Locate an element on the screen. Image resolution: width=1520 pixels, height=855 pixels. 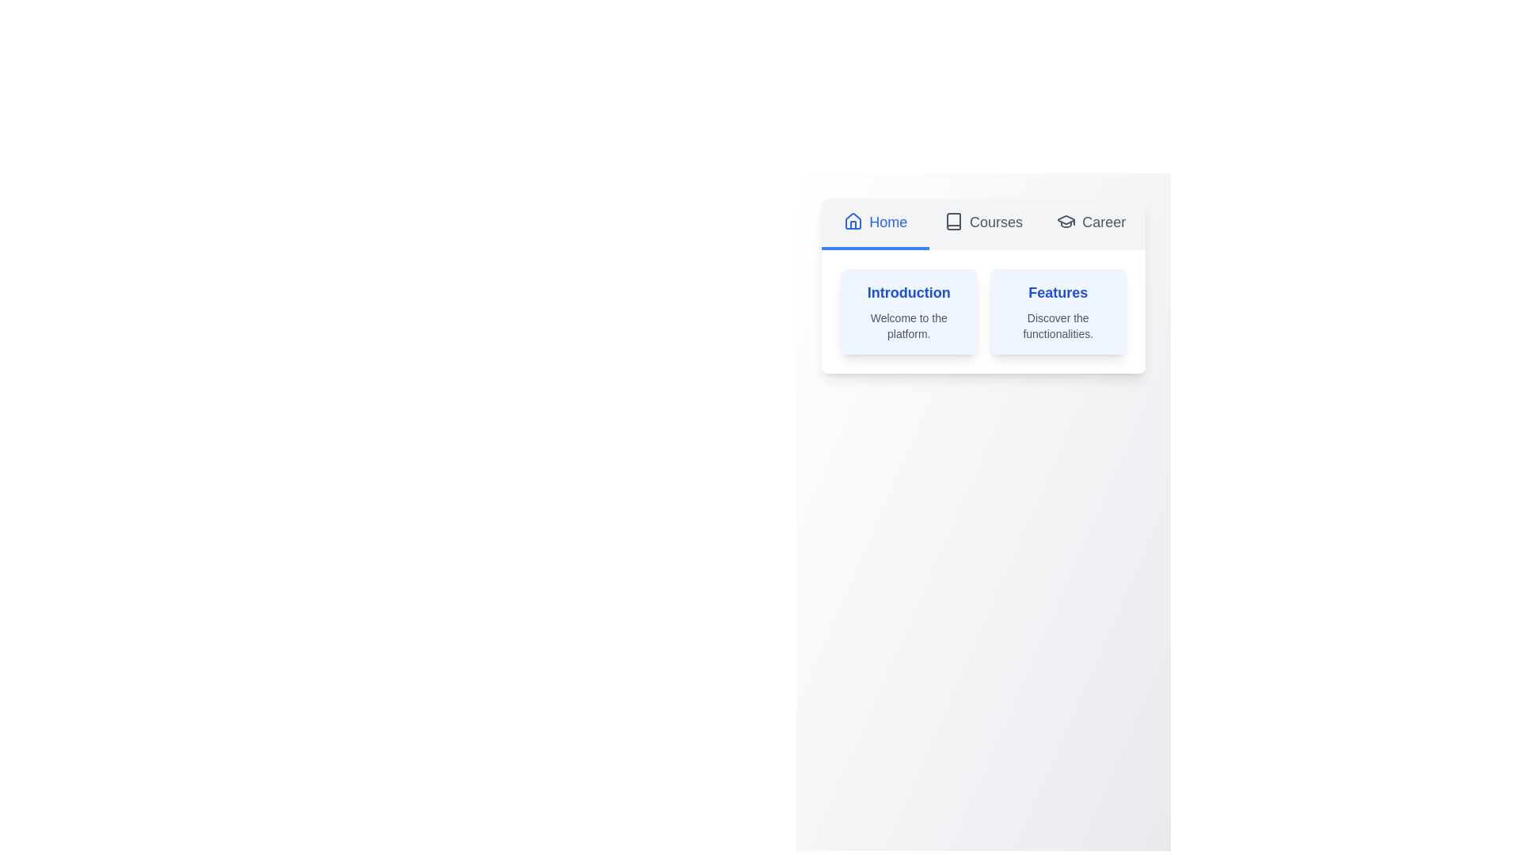
message displayed in the text label that says 'Welcome to the platform.' located under the 'Introduction' title in a card in the top-left section of the interface is located at coordinates (909, 325).